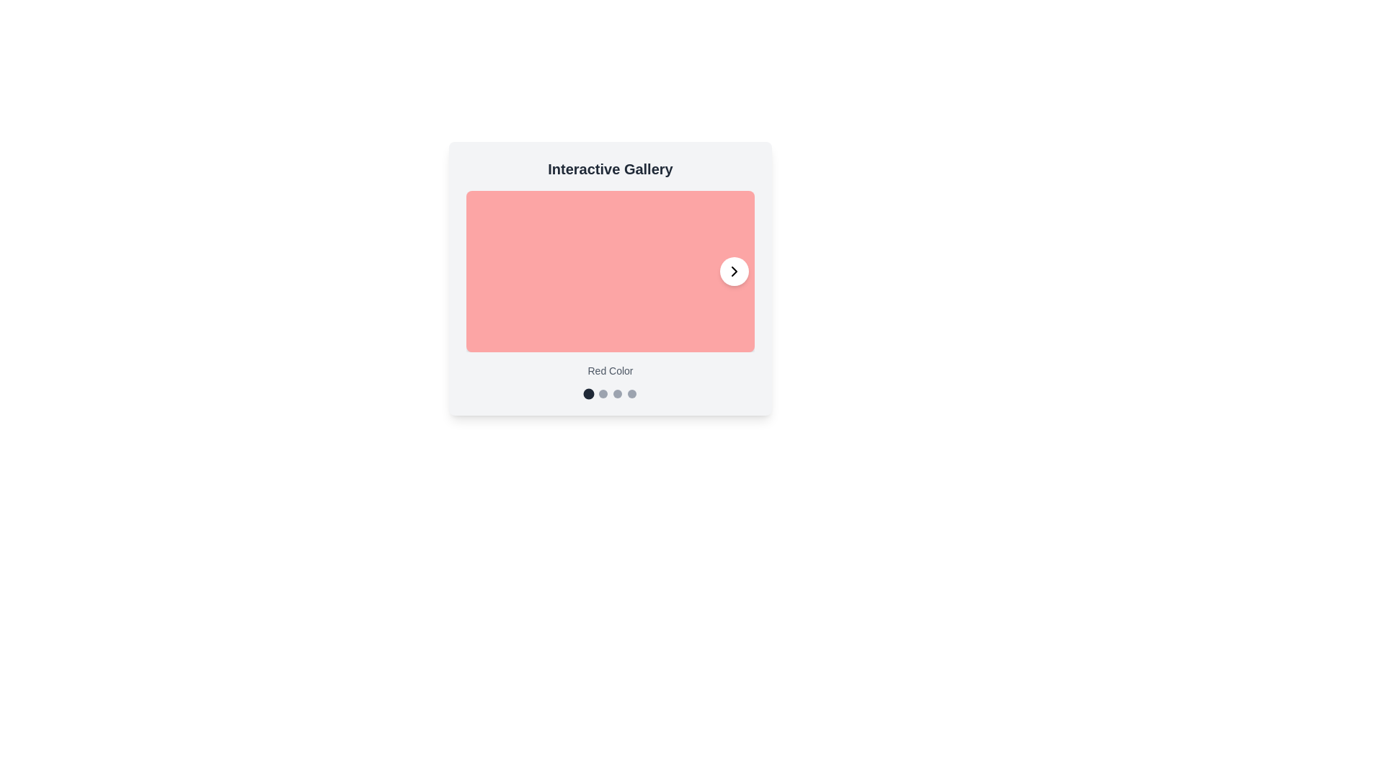 Image resolution: width=1384 pixels, height=778 pixels. I want to click on the second dot button in the horizontal row below the rectangular image to change its color, so click(603, 394).